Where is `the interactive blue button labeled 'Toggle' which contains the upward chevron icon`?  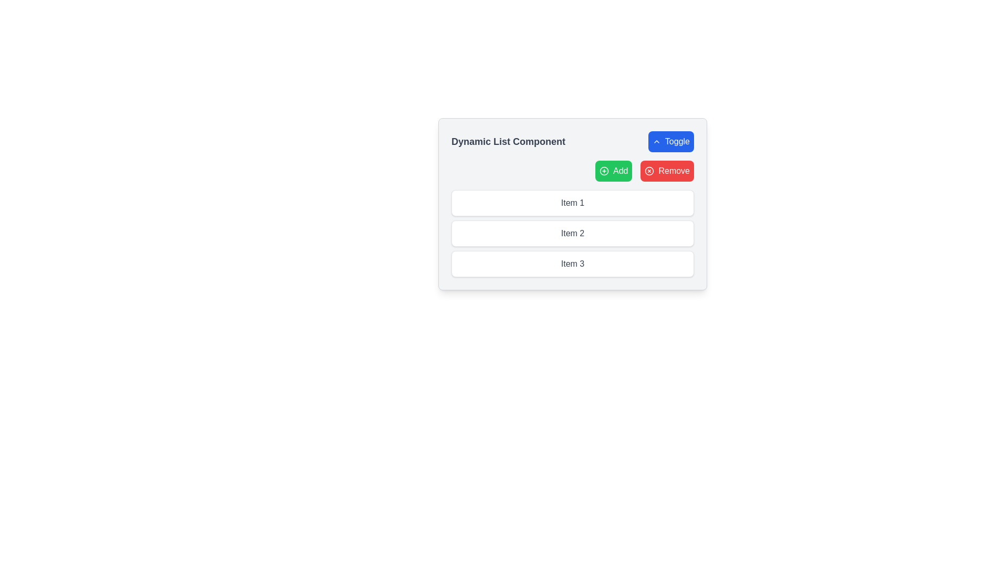
the interactive blue button labeled 'Toggle' which contains the upward chevron icon is located at coordinates (656, 142).